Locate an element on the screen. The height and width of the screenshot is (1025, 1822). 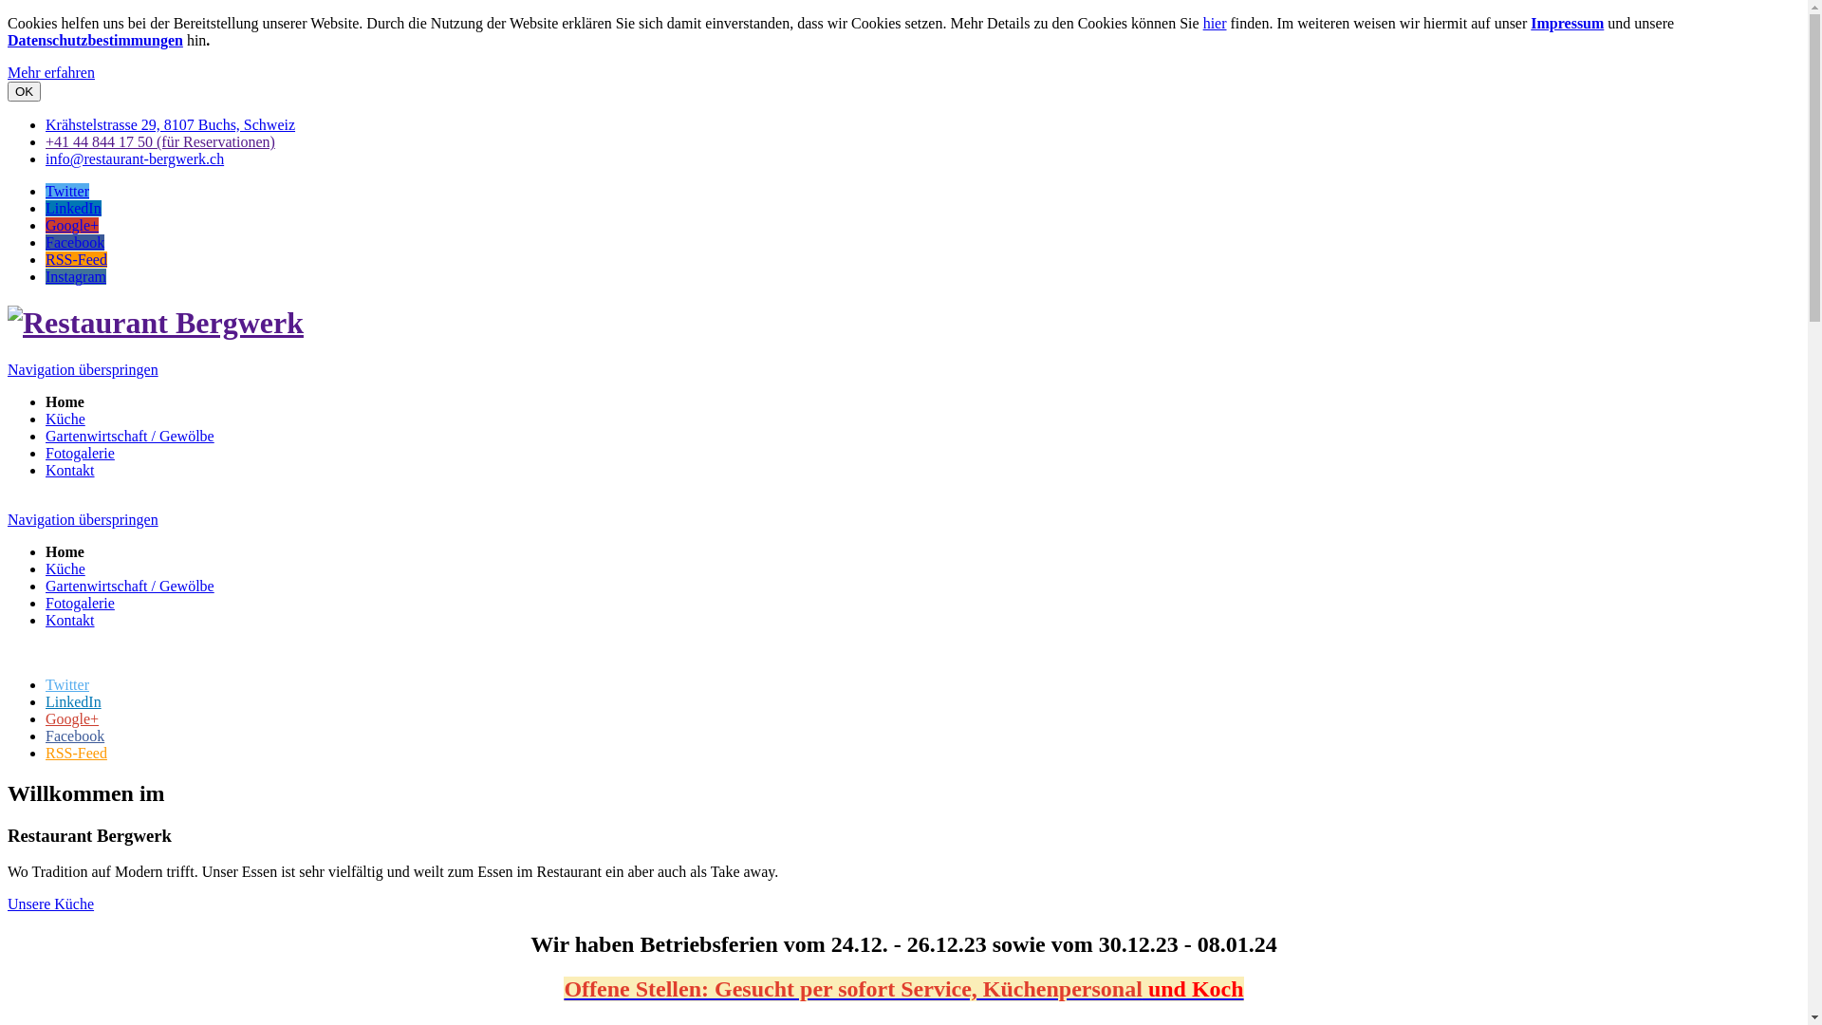
'Fotogalerie' is located at coordinates (46, 603).